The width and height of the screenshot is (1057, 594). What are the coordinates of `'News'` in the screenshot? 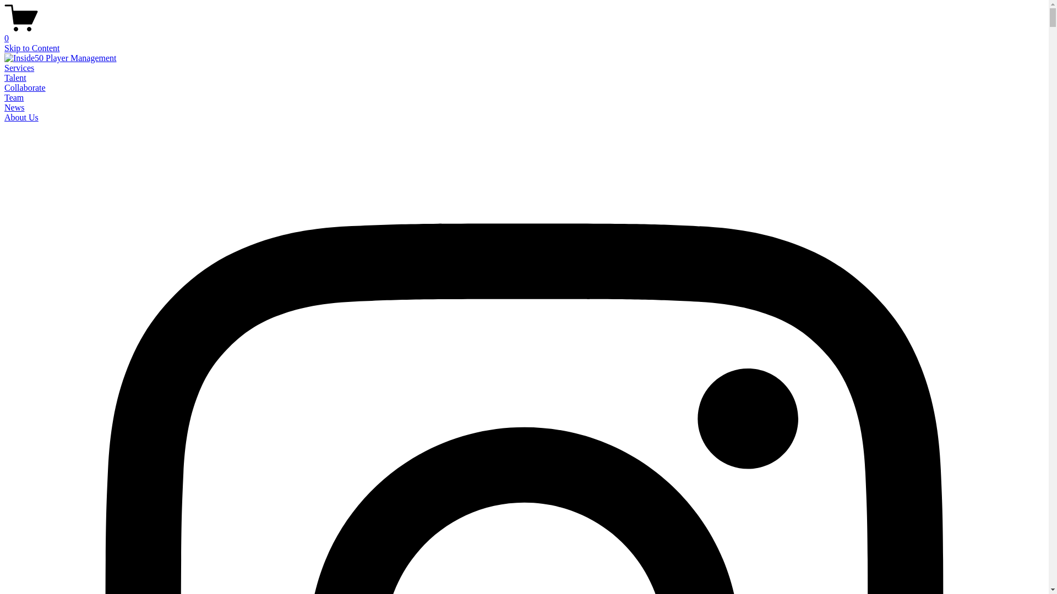 It's located at (14, 107).